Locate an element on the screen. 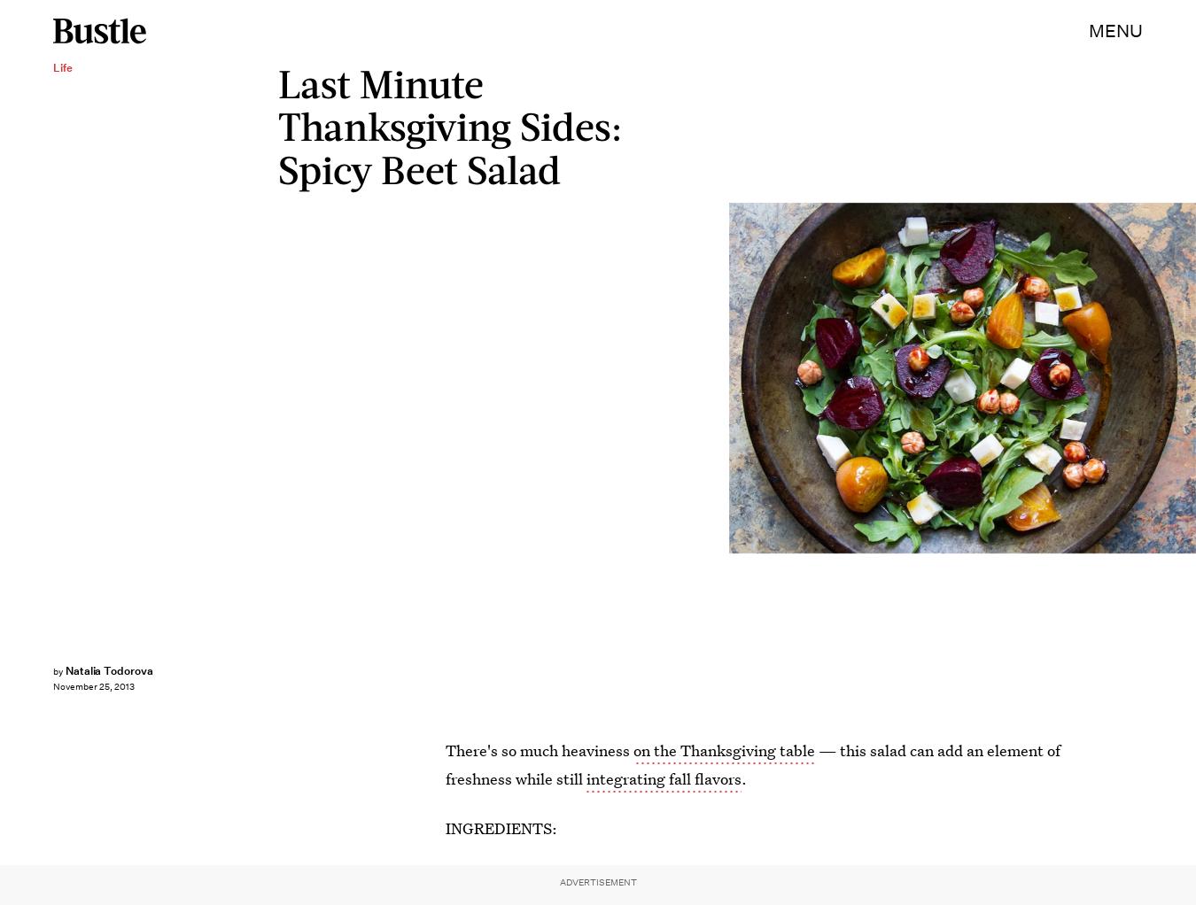  'There's so much heaviness' is located at coordinates (539, 750).